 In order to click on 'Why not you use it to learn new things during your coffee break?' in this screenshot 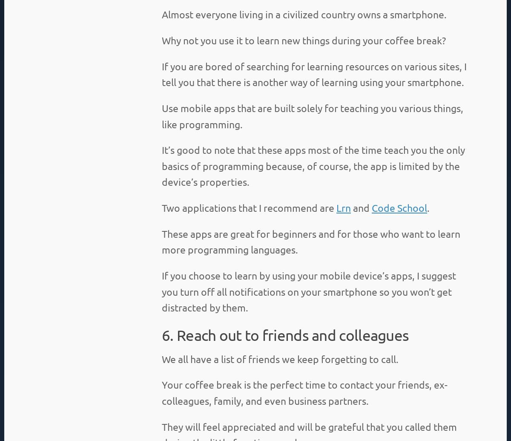, I will do `click(304, 40)`.